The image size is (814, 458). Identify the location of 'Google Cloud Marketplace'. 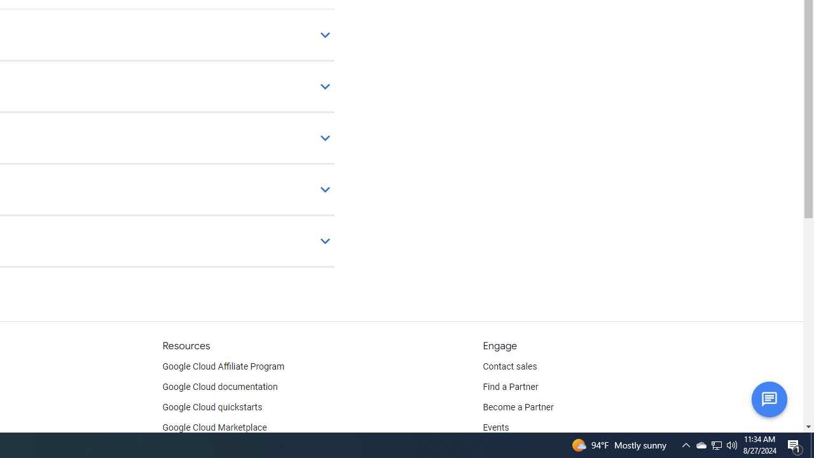
(214, 427).